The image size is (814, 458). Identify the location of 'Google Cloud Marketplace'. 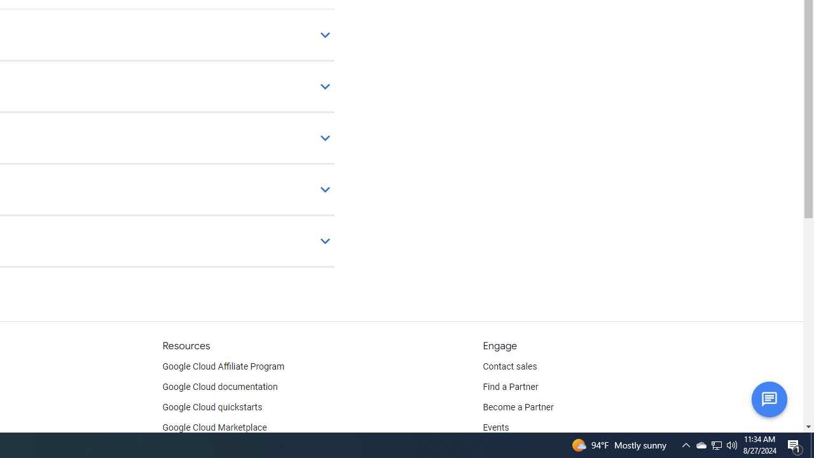
(214, 427).